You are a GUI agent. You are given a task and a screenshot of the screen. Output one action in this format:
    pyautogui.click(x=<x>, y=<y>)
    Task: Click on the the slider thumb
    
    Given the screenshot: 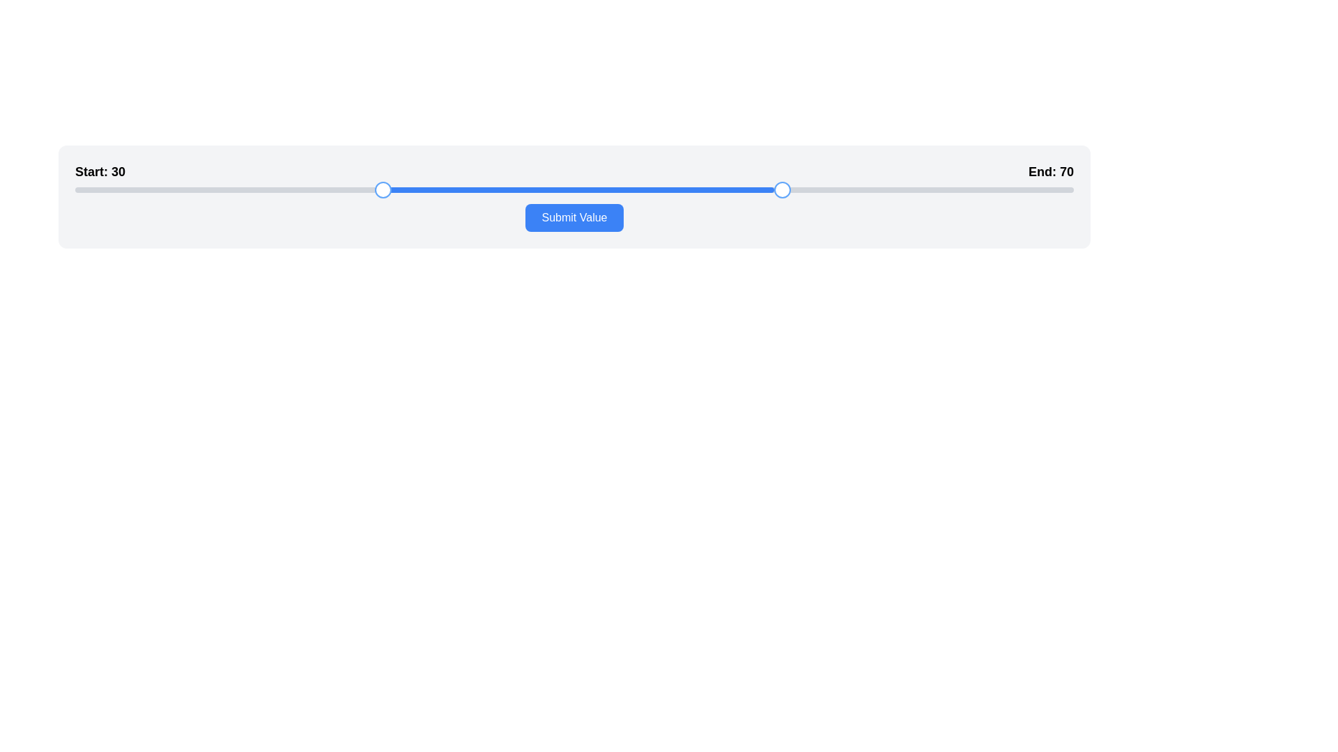 What is the action you would take?
    pyautogui.click(x=705, y=190)
    